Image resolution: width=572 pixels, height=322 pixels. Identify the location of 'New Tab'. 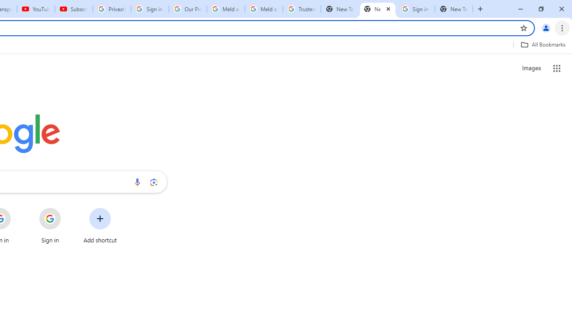
(454, 9).